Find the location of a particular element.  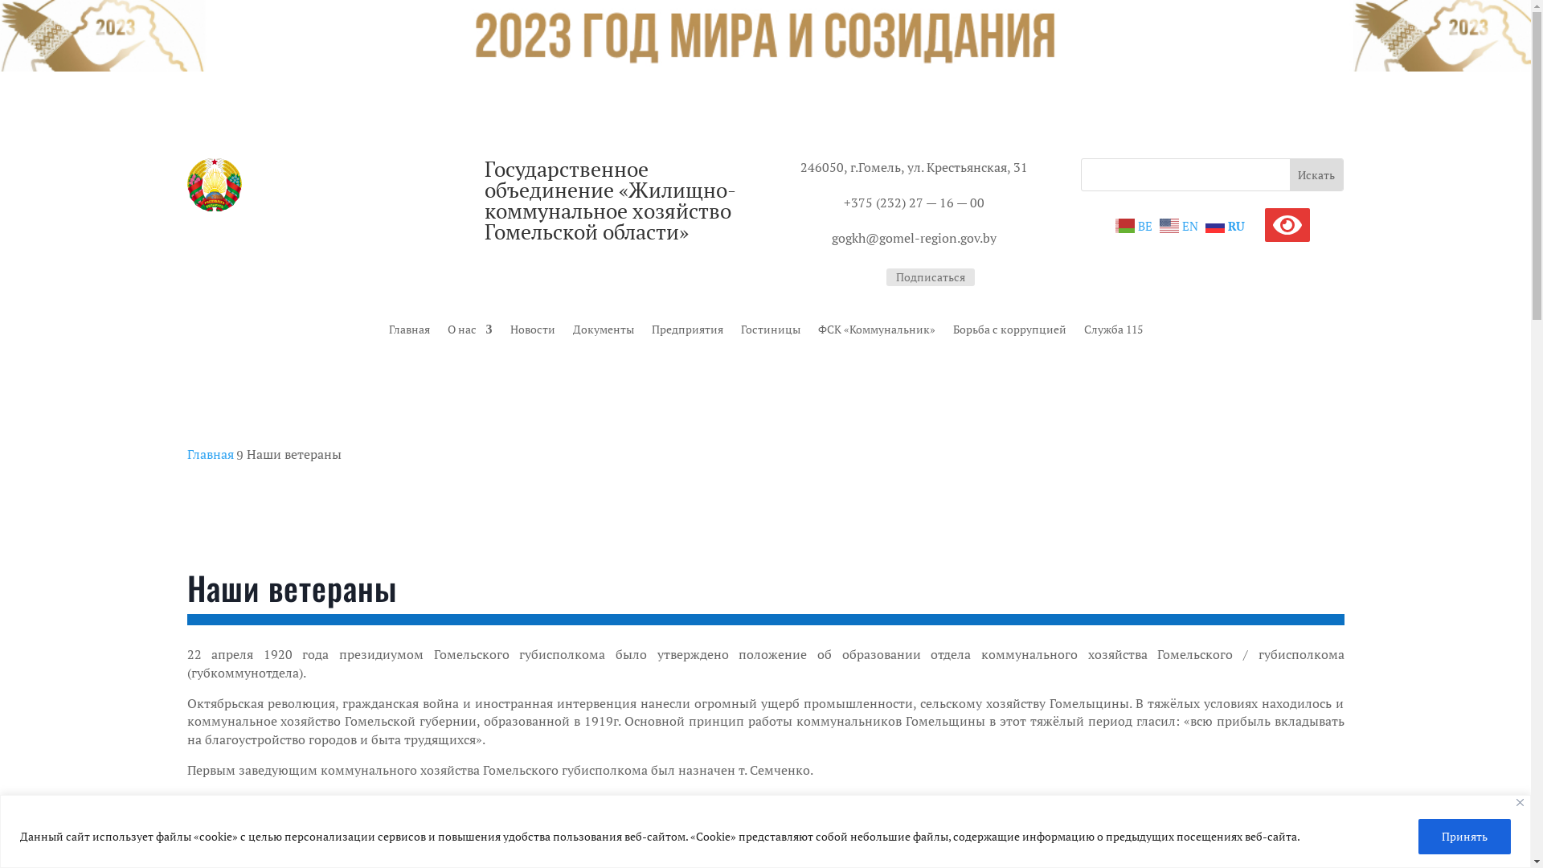

'BE' is located at coordinates (1135, 223).